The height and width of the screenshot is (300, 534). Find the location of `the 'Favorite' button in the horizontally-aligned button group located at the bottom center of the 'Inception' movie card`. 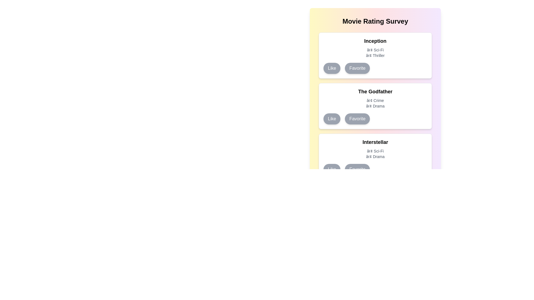

the 'Favorite' button in the horizontally-aligned button group located at the bottom center of the 'Inception' movie card is located at coordinates (375, 68).